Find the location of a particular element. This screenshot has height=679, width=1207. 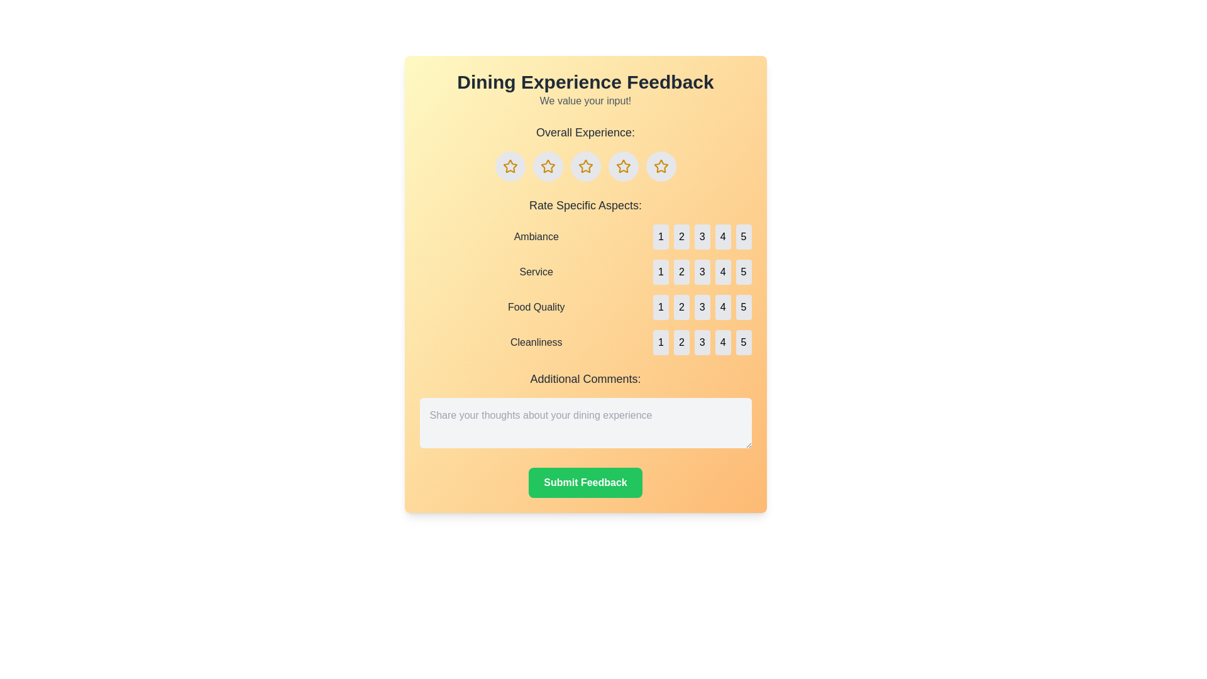

the fifth star icon used for rating purposes, which is styled in golden-yellow color and located under the text 'Overall Experience:' in a feedback form is located at coordinates (660, 166).